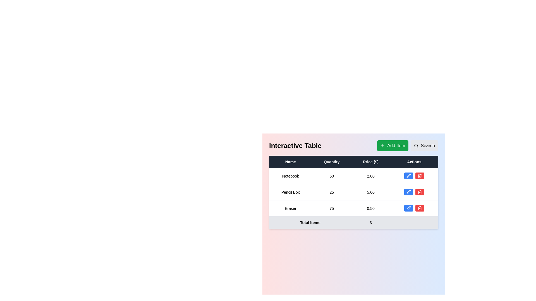  I want to click on the Table summary row at the bottom of the table, which displays the total count of items listed above, specifically the section showing '3', so click(353, 222).